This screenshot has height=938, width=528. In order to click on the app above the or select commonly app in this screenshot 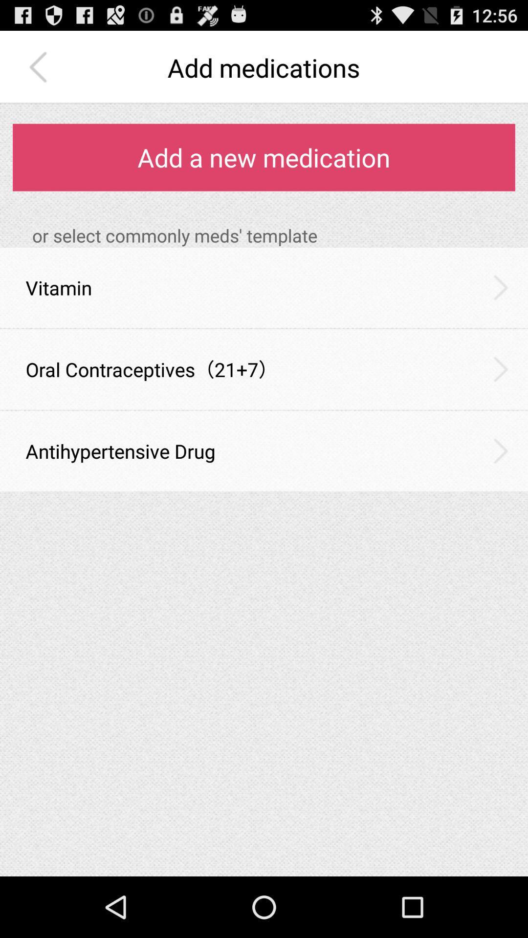, I will do `click(264, 157)`.